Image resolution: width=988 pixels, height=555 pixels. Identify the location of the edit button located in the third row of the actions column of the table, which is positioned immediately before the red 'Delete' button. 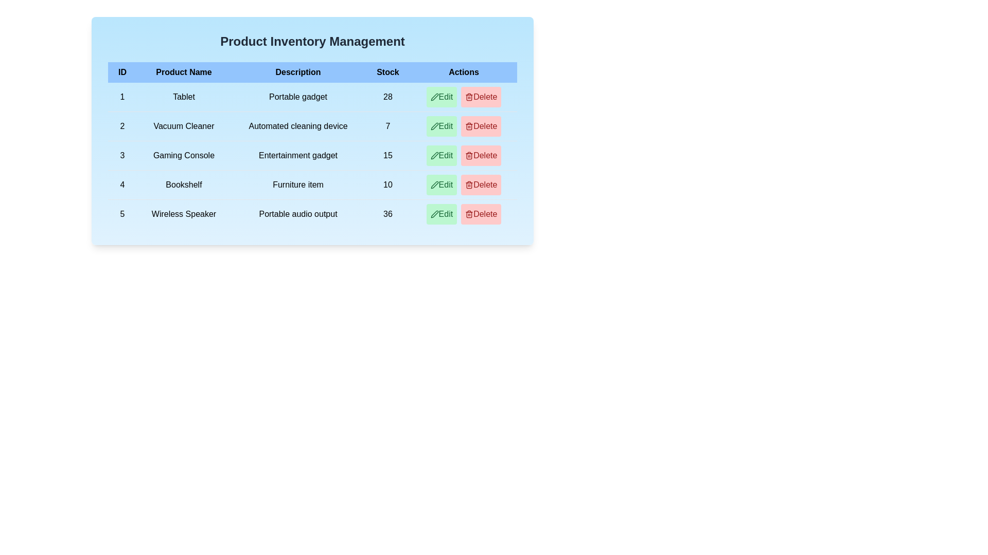
(442, 126).